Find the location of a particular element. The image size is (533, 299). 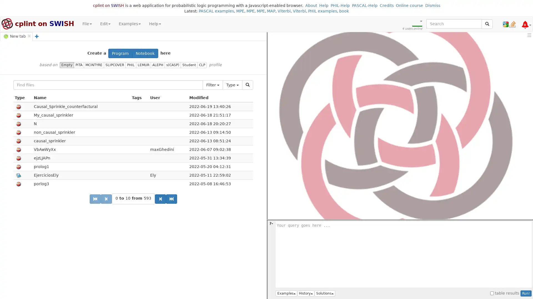

History is located at coordinates (306, 293).